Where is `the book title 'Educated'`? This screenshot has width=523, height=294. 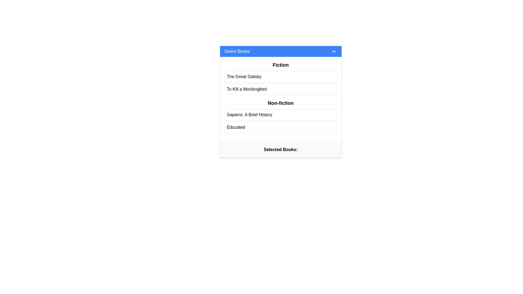
the book title 'Educated' is located at coordinates (236, 127).